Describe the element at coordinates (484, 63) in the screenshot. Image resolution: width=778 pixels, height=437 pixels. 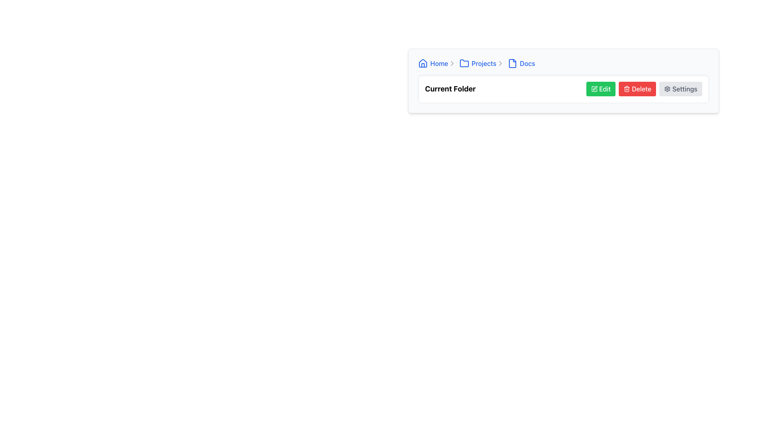
I see `the 'Projects' navigation link in the breadcrumb trail` at that location.